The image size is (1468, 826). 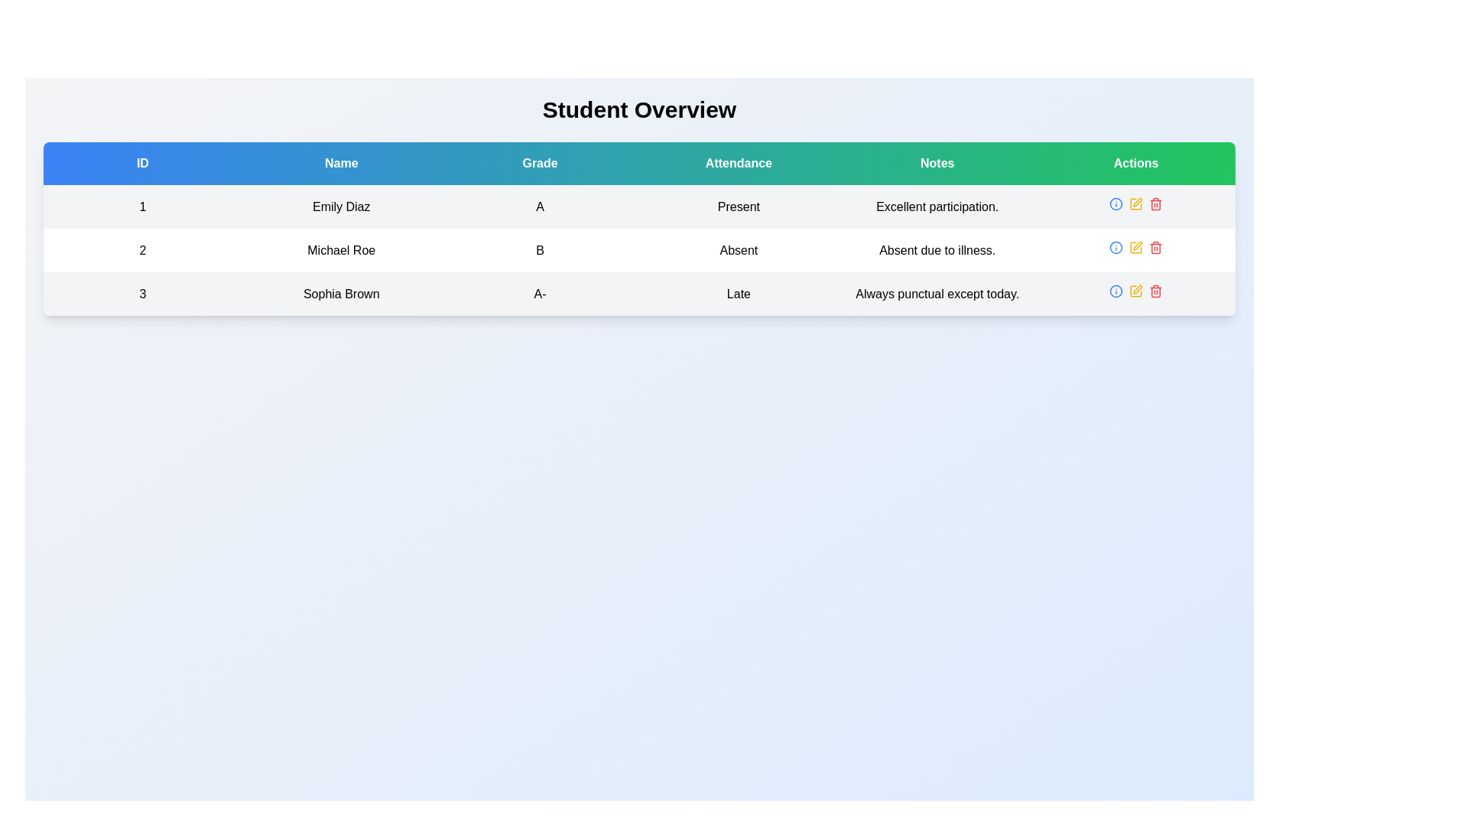 I want to click on the action button icon located in the 'Actions' column of the second row in the table to observe the hover styling effect, so click(x=1116, y=247).